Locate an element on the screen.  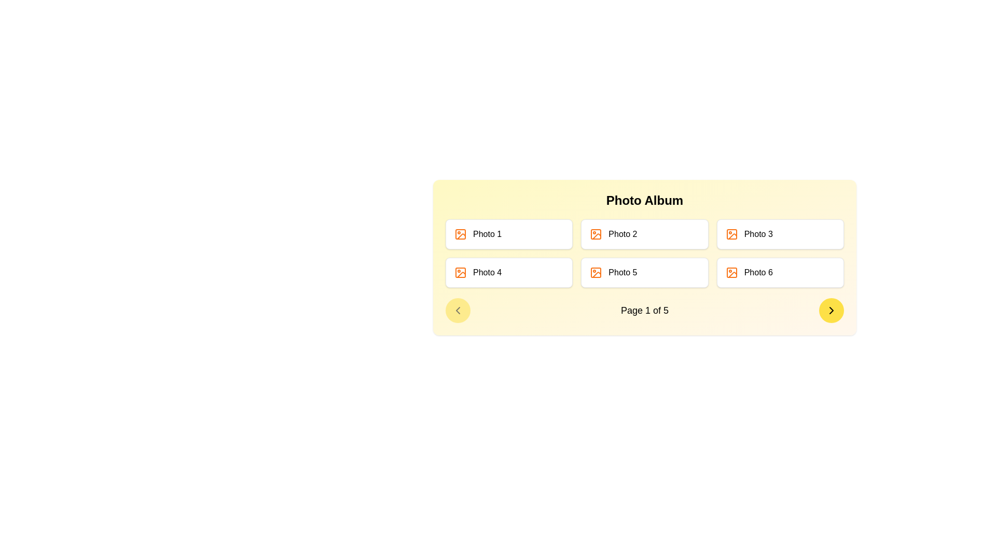
the background square of the SVG-based icon next to the text 'Photo 6' in the lower right of the grid in the Photo Album interface is located at coordinates (731, 272).